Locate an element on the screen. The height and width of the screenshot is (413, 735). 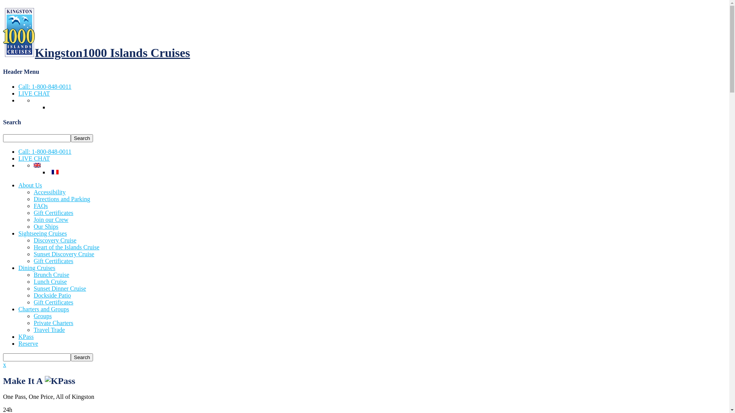
'Sunset Dinner Cruise' is located at coordinates (59, 288).